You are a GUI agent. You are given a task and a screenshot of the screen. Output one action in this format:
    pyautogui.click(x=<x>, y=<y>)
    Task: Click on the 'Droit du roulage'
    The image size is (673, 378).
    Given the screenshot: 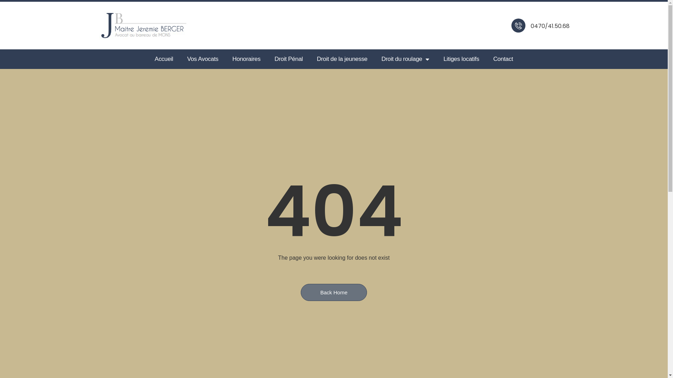 What is the action you would take?
    pyautogui.click(x=405, y=59)
    